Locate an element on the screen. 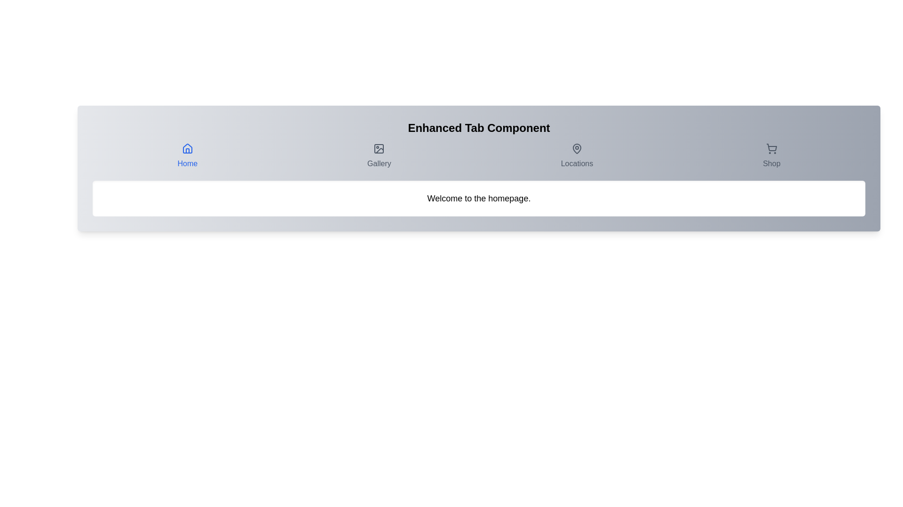 This screenshot has width=903, height=507. the 'Home' icon in the navigation bar is located at coordinates (187, 148).